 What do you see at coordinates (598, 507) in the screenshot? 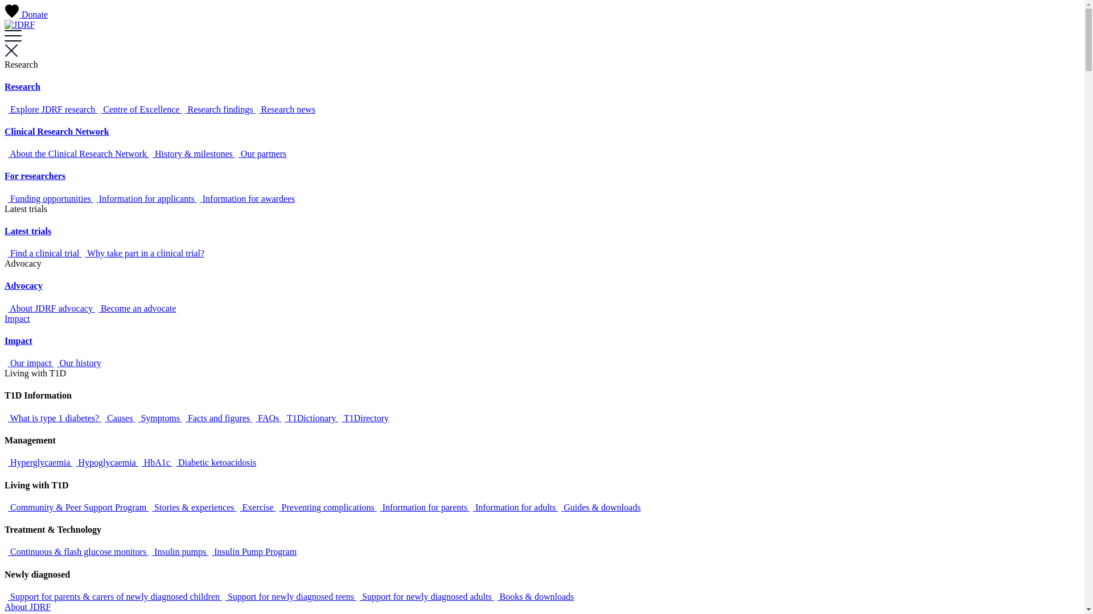
I see `'Guides & downloads'` at bounding box center [598, 507].